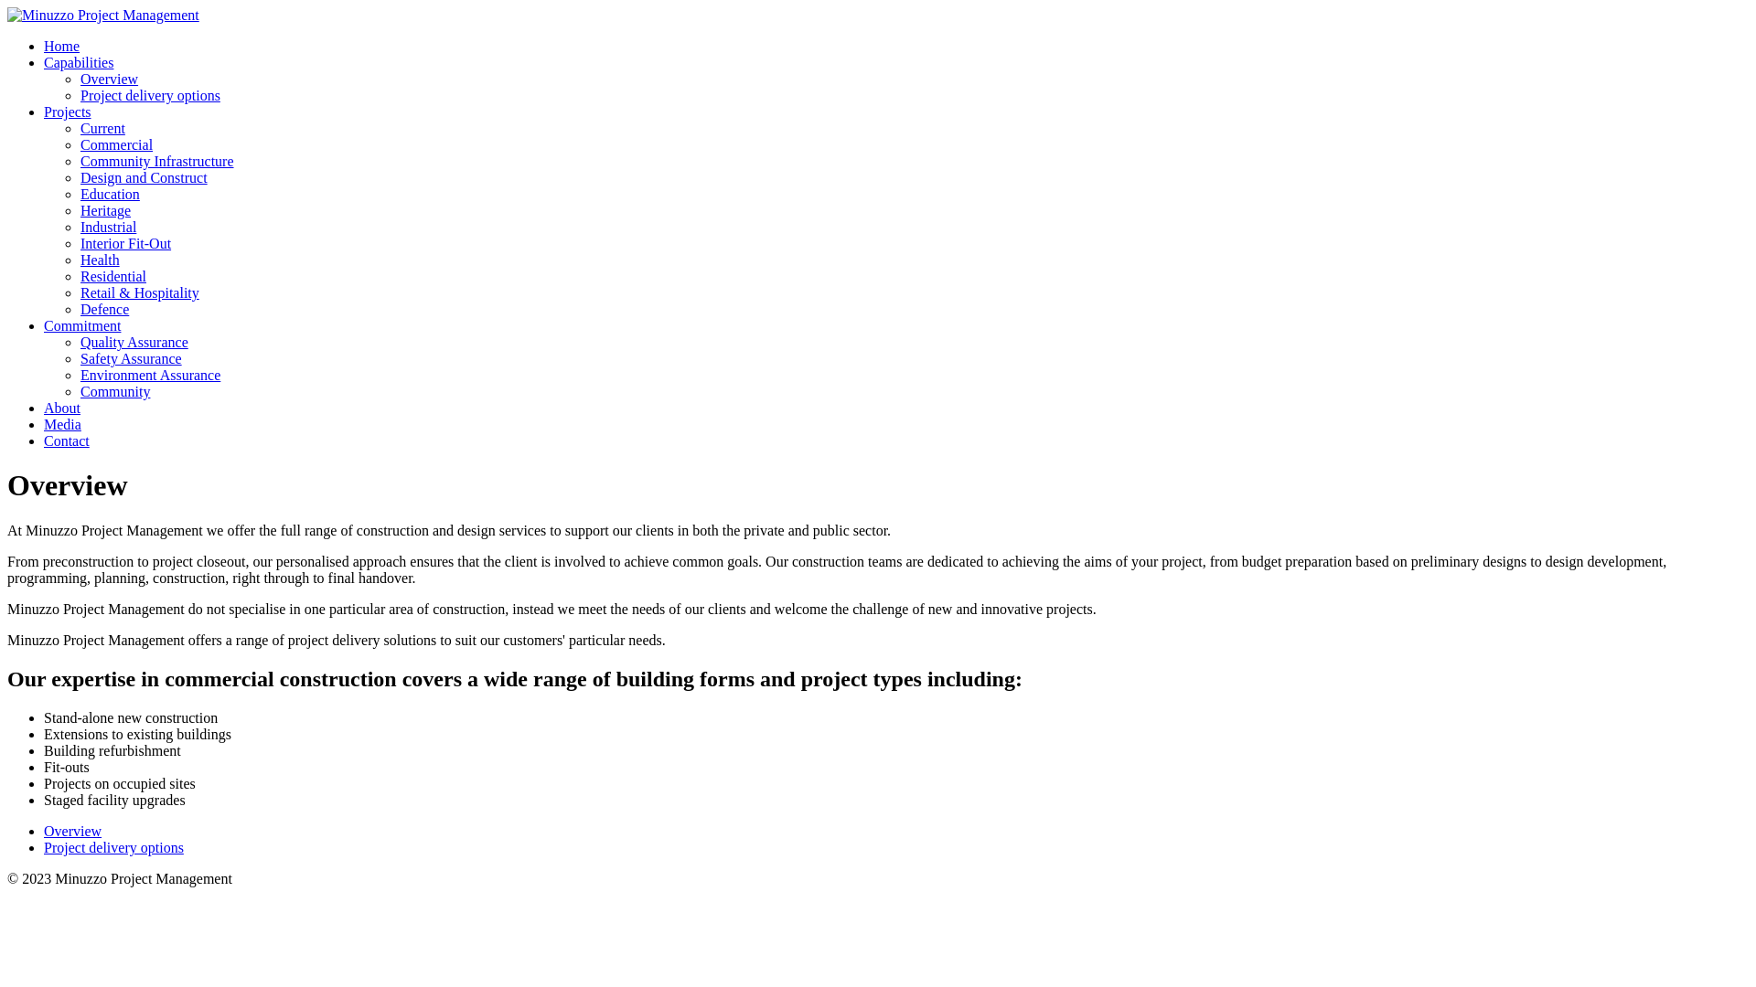 This screenshot has height=987, width=1756. Describe the element at coordinates (81, 324) in the screenshot. I see `'Commitment'` at that location.